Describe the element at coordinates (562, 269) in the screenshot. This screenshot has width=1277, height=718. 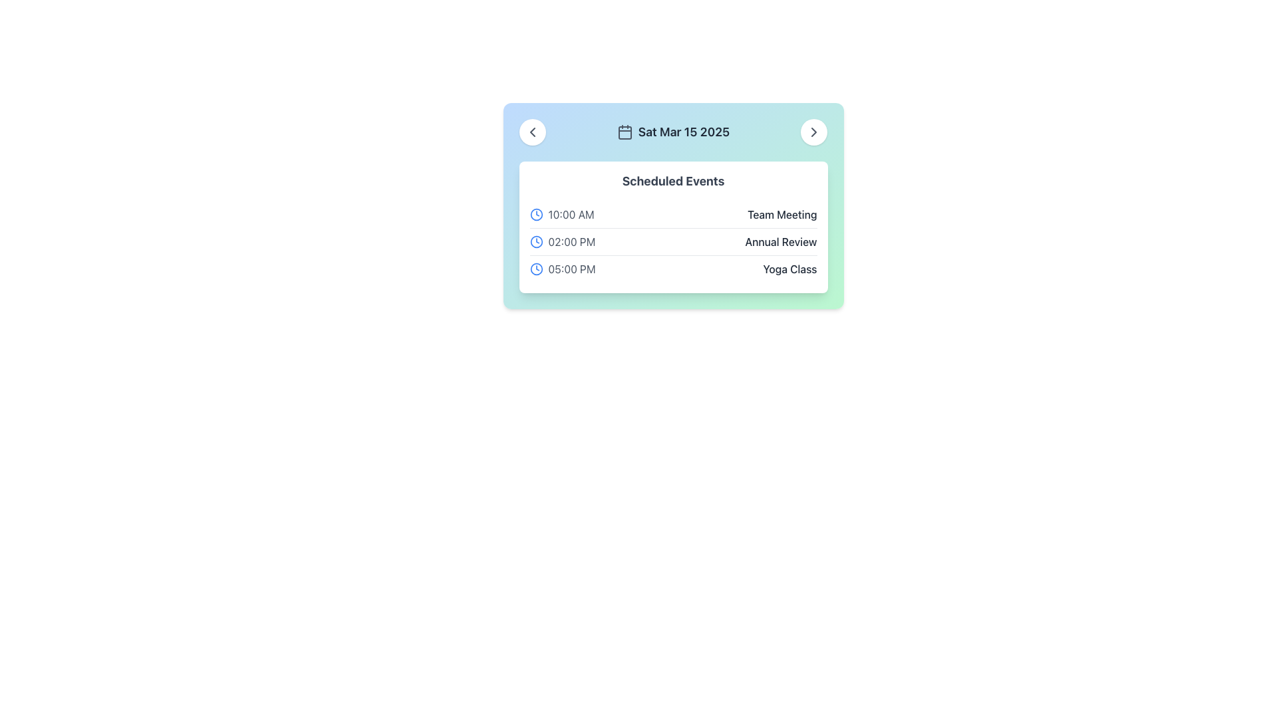
I see `the text label displaying the time '05:00 PM' next to the blue clock icon` at that location.